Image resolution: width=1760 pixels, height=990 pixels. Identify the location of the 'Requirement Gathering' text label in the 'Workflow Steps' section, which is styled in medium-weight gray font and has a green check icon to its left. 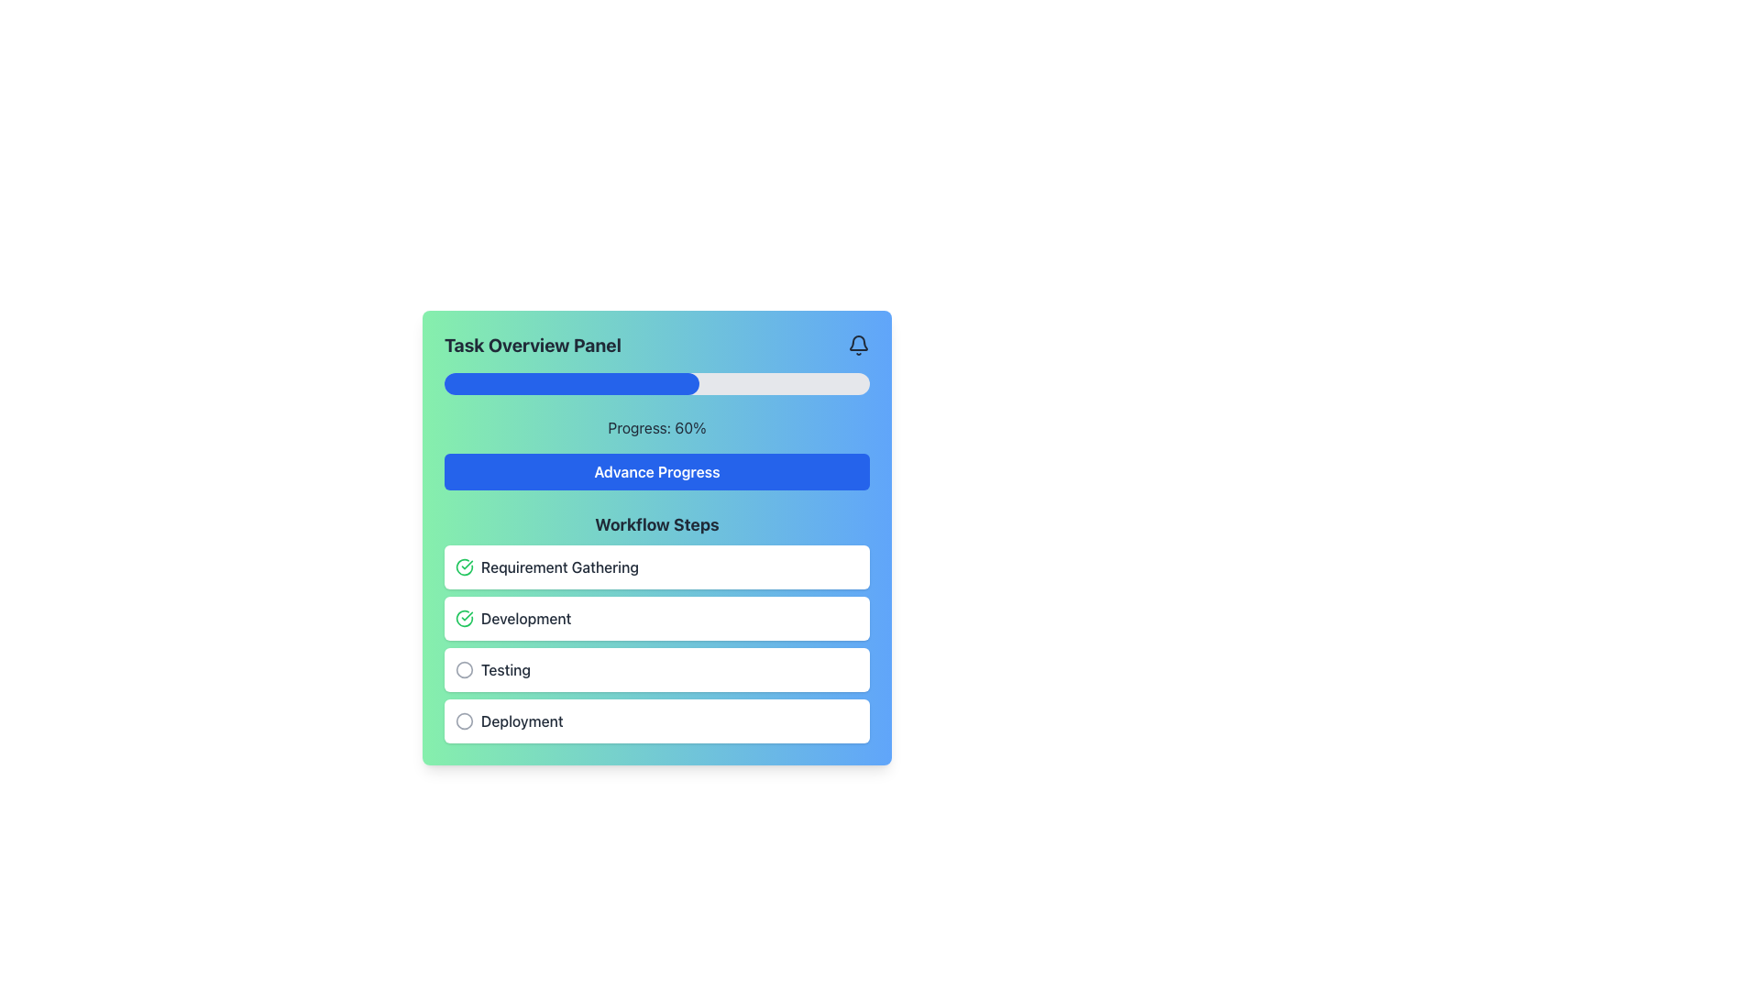
(558, 566).